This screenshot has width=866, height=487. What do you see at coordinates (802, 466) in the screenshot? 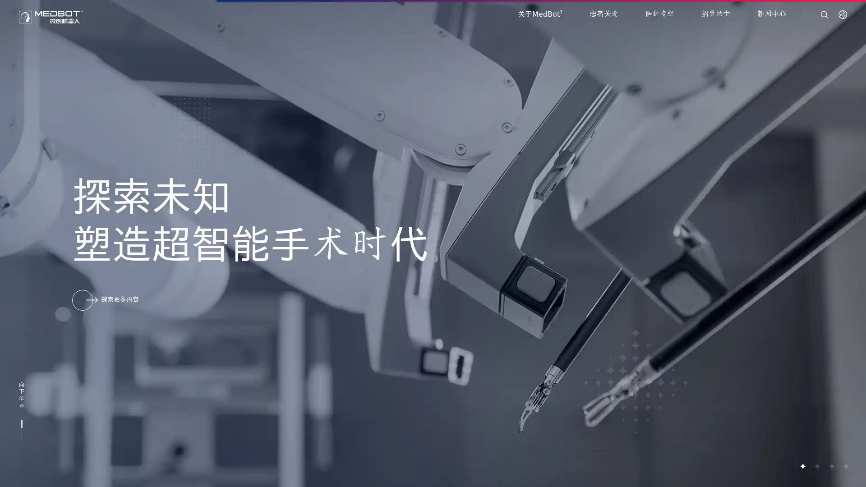
I see `Go to slide 1` at bounding box center [802, 466].